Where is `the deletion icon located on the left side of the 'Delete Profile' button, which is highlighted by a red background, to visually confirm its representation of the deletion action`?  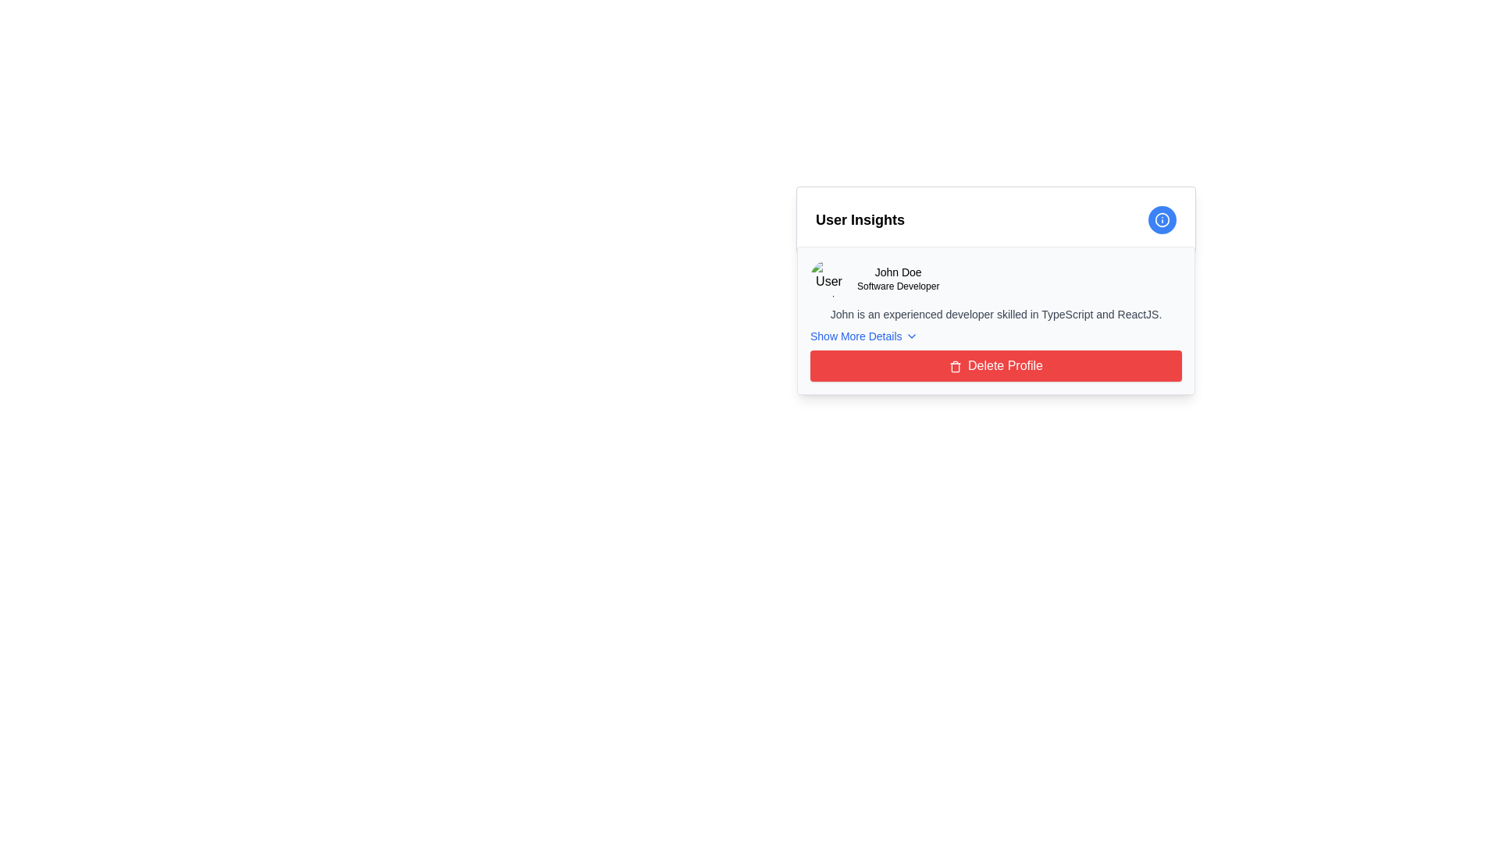
the deletion icon located on the left side of the 'Delete Profile' button, which is highlighted by a red background, to visually confirm its representation of the deletion action is located at coordinates (955, 366).